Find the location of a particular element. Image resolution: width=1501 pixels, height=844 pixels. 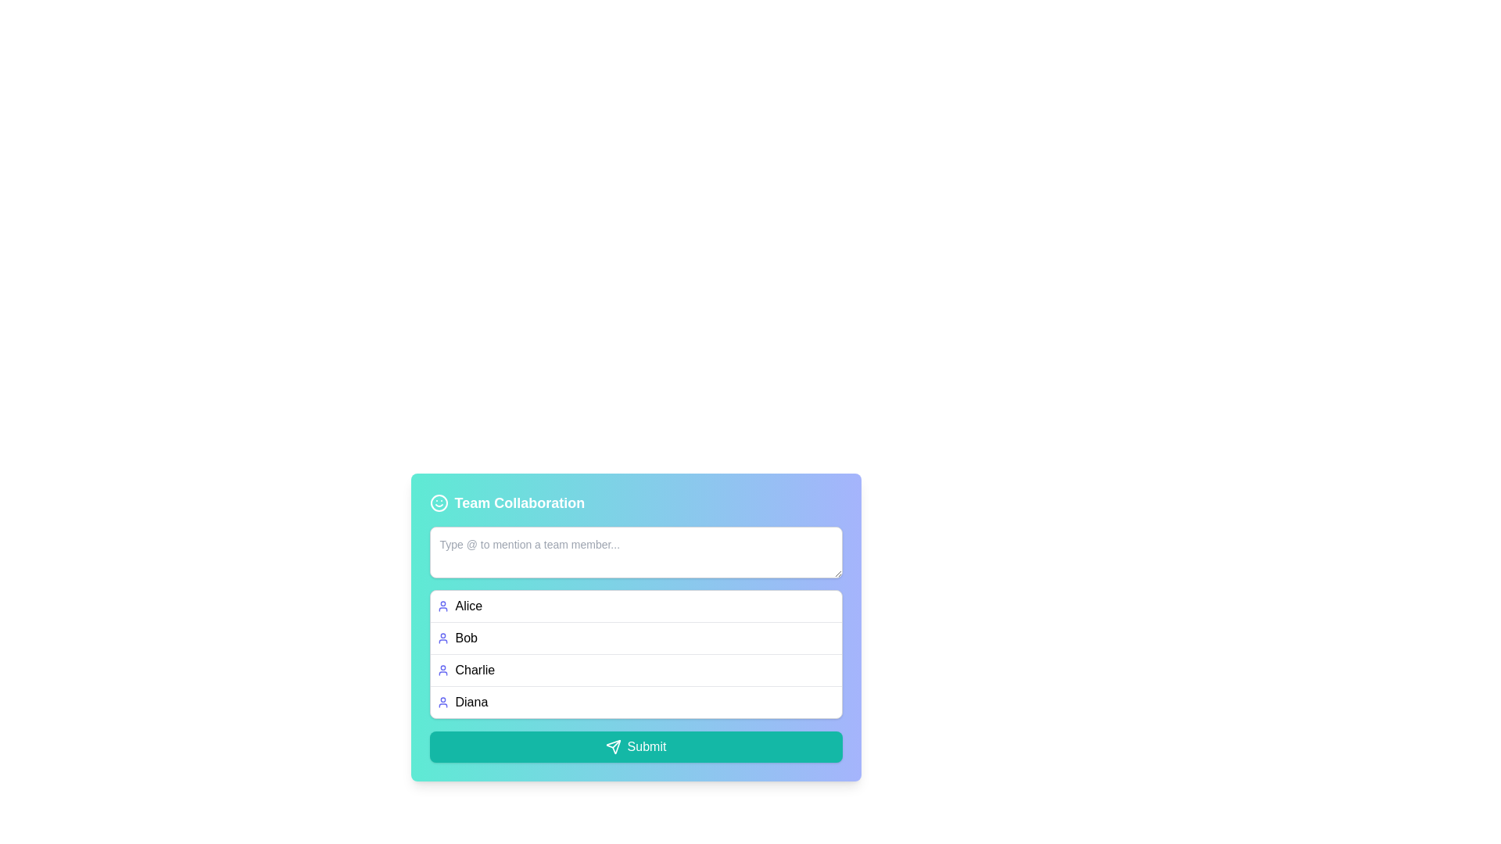

the Text Label that serves as the title or heading for the card, which is centrally aligned at the top of the card interface to the right of an emoji icon is located at coordinates (519, 503).